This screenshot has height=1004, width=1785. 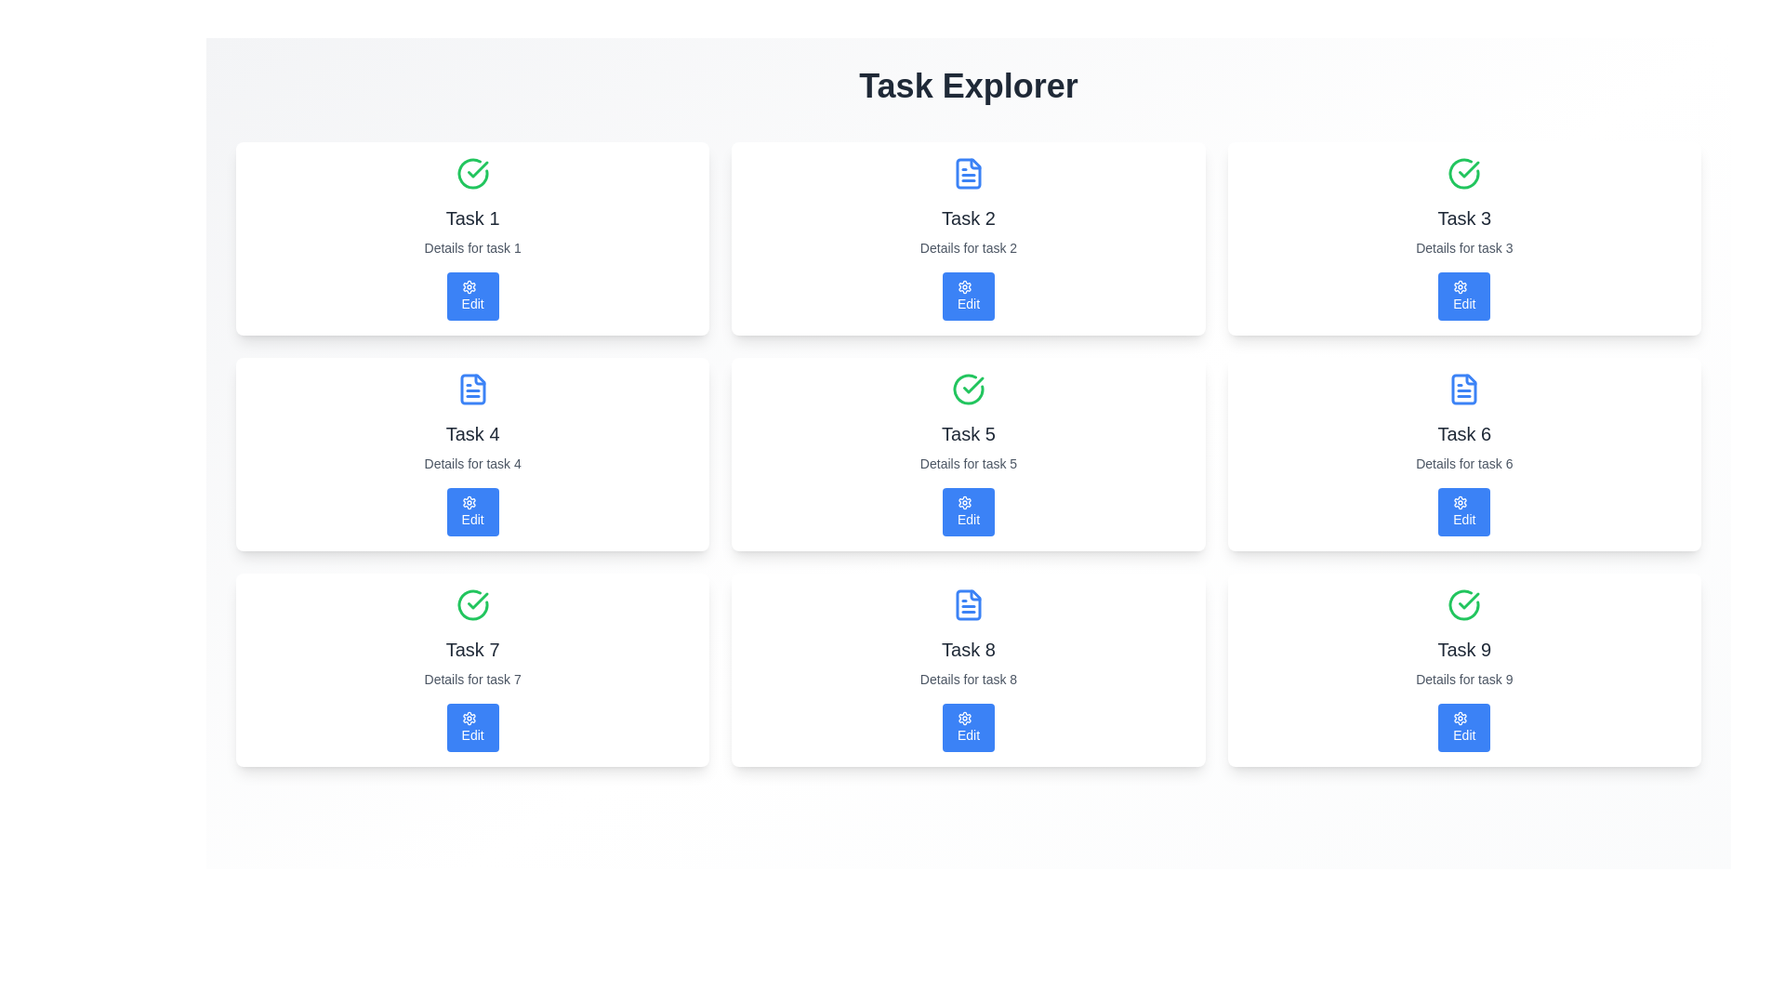 I want to click on the settings icon represented as a cogwheel, located below the 'Edit' button for 'Task 4', so click(x=469, y=502).